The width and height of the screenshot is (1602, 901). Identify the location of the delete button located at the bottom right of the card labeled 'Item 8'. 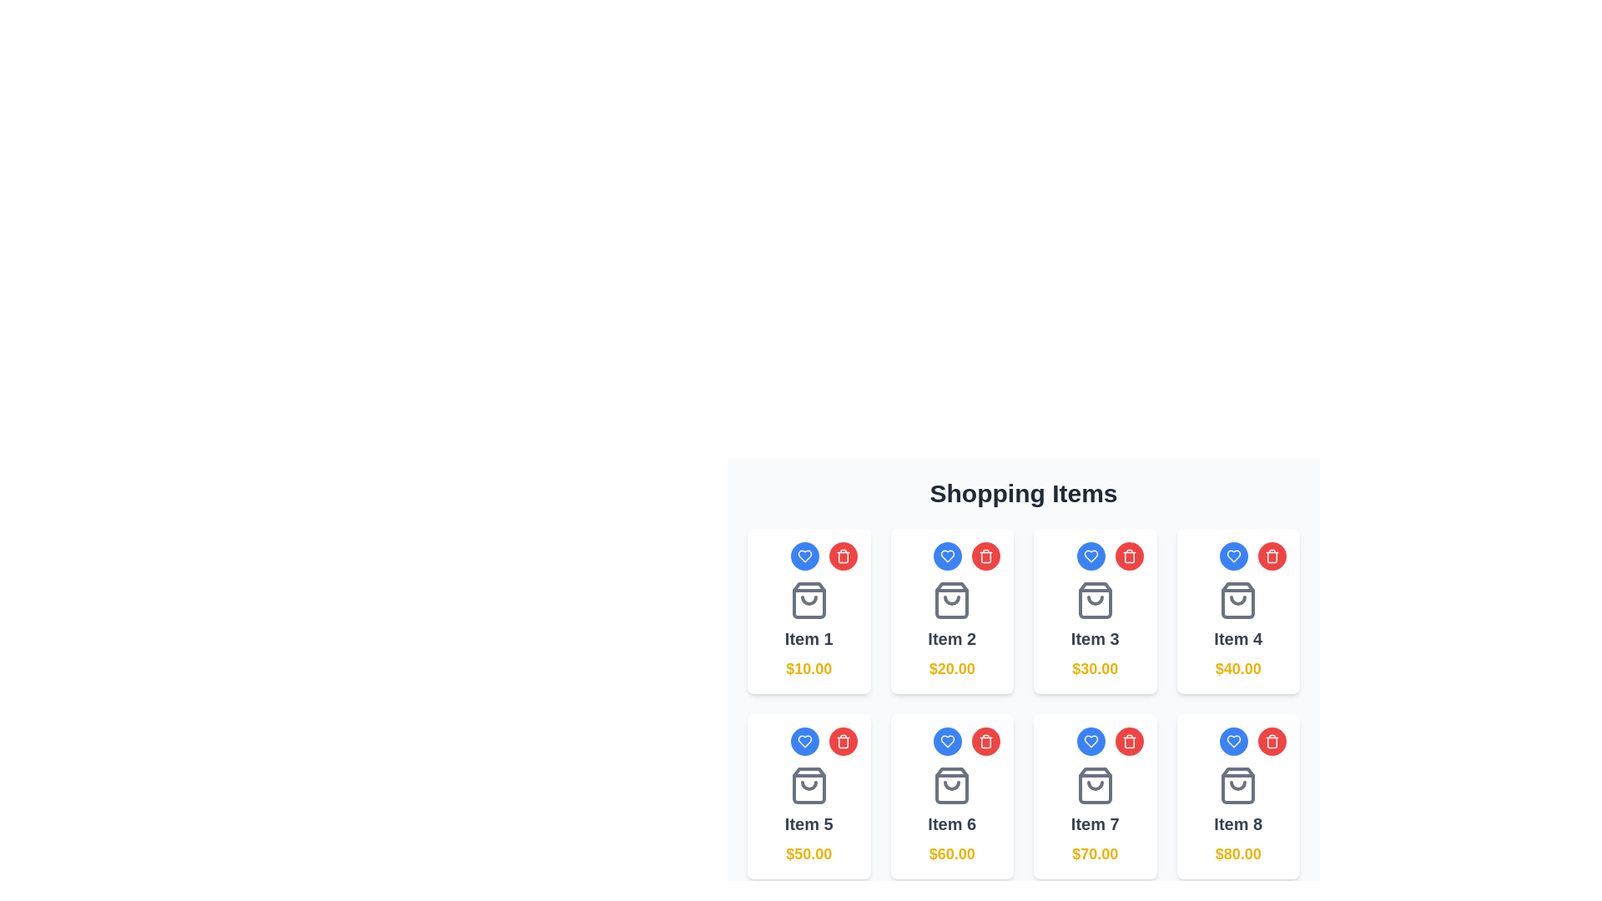
(1272, 740).